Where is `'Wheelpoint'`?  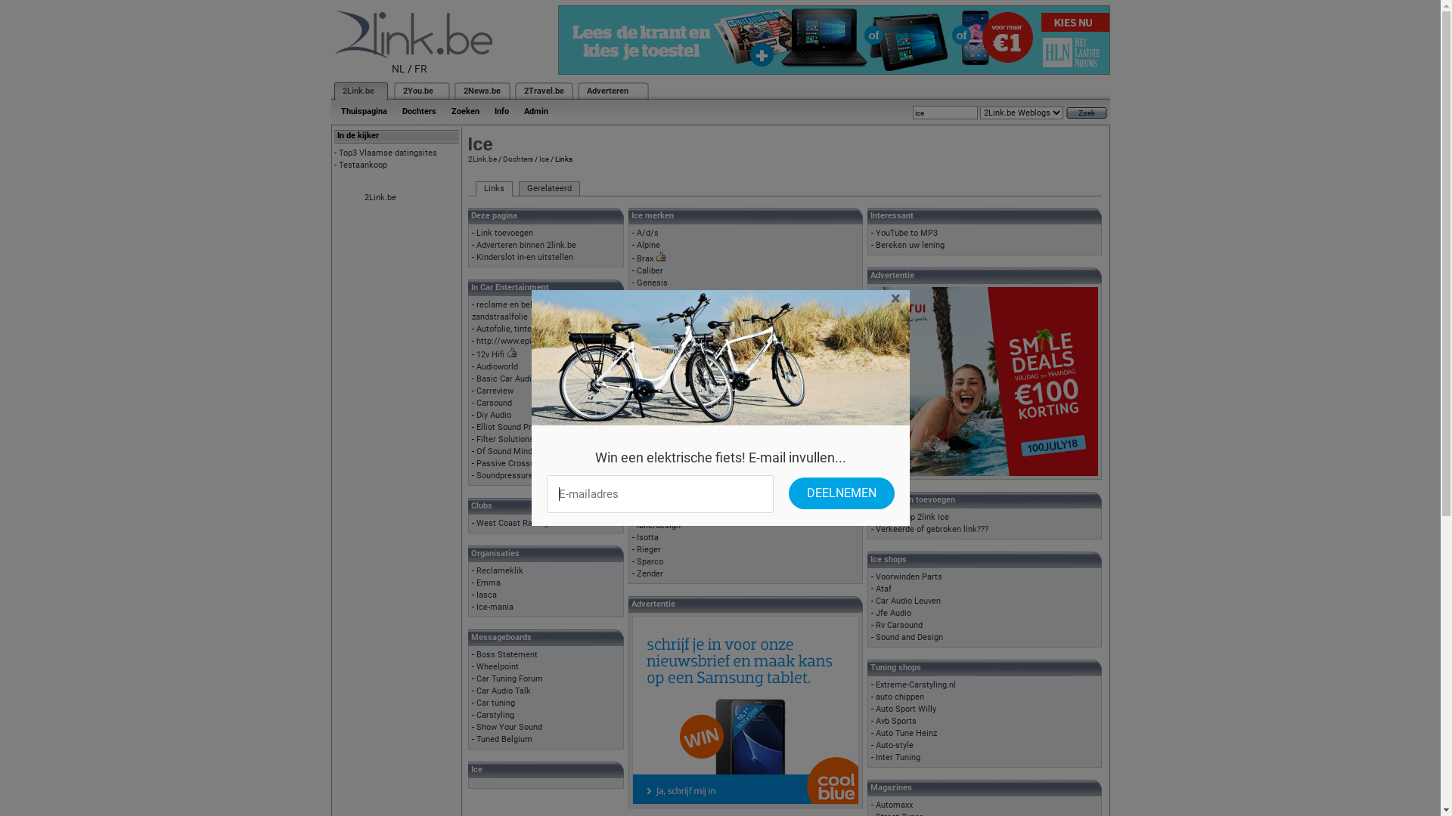
'Wheelpoint' is located at coordinates (497, 666).